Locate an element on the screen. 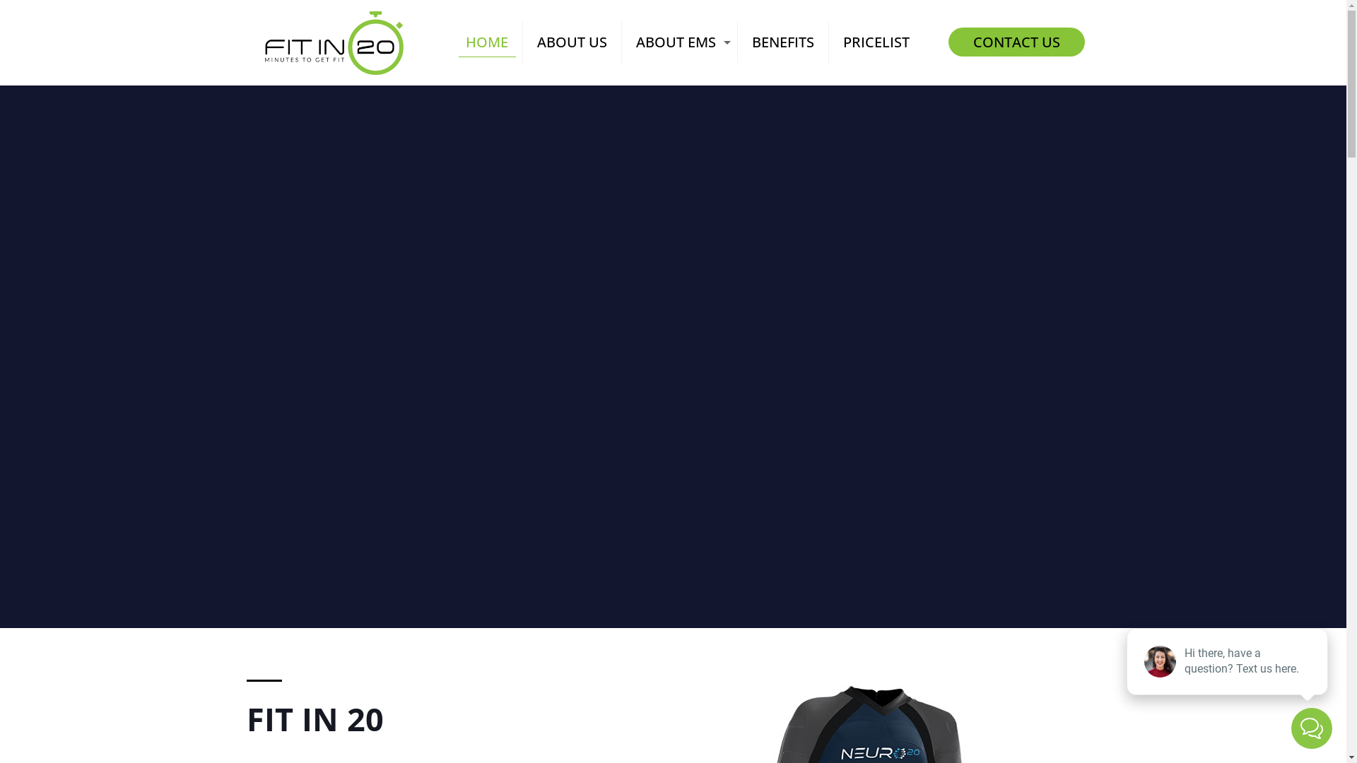  'PRICELIST' is located at coordinates (875, 42).